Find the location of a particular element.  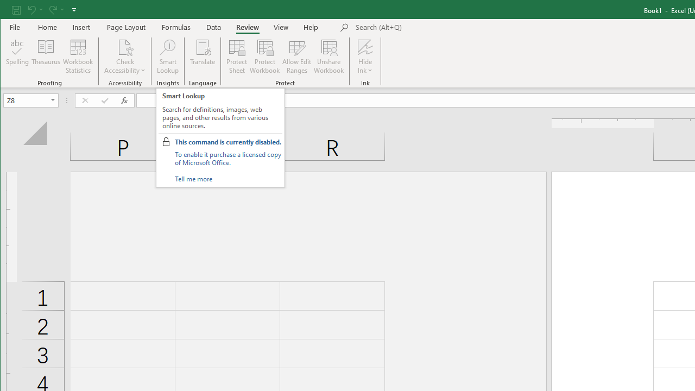

'Thesaurus...' is located at coordinates (46, 56).